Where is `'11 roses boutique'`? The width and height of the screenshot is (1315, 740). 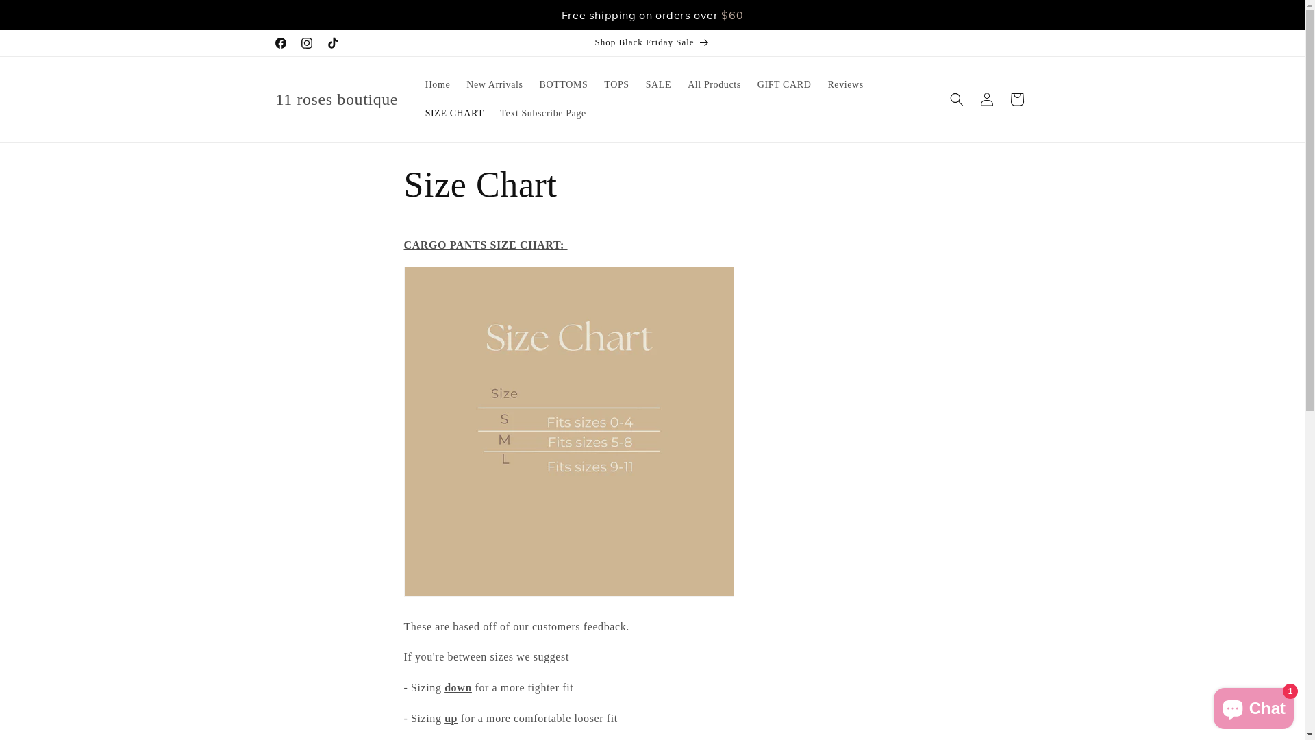 '11 roses boutique' is located at coordinates (336, 99).